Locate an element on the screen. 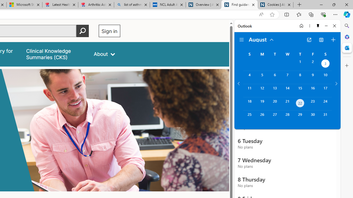 This screenshot has height=198, width=353. 'Wednesday, August 21, 2024. ' is located at coordinates (287, 104).